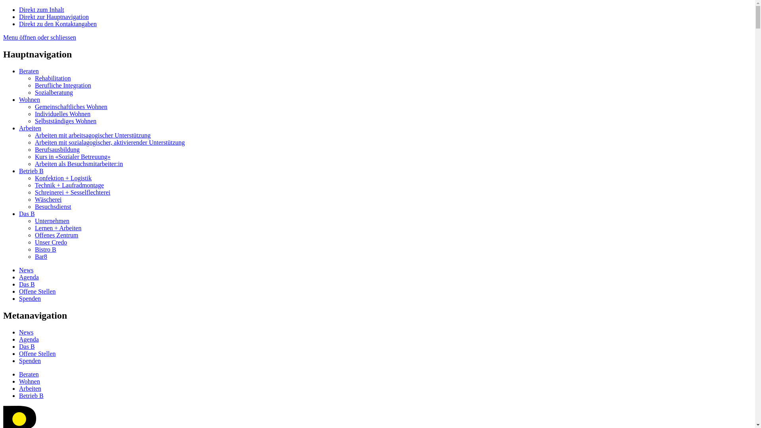 The width and height of the screenshot is (761, 428). Describe the element at coordinates (26, 332) in the screenshot. I see `'News'` at that location.